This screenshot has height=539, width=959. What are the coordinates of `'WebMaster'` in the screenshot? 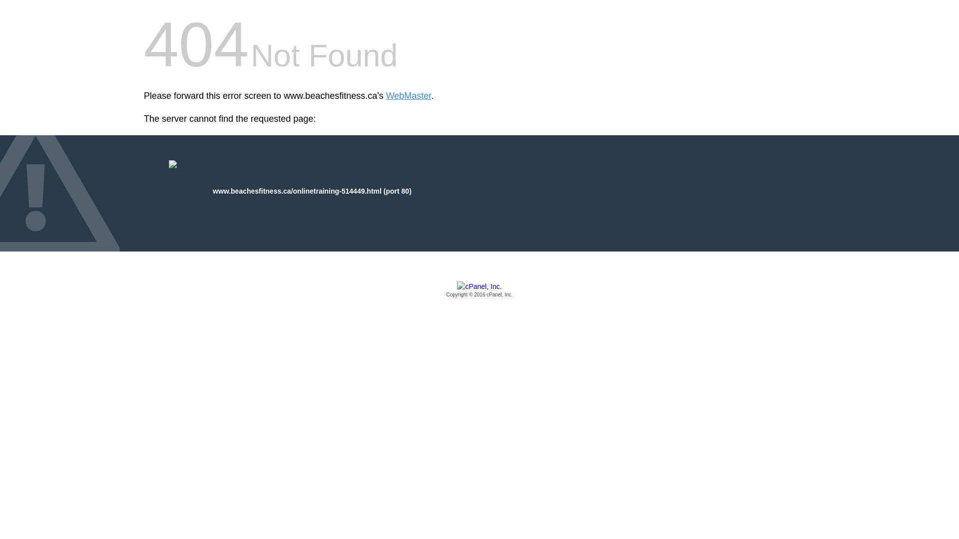 It's located at (409, 96).